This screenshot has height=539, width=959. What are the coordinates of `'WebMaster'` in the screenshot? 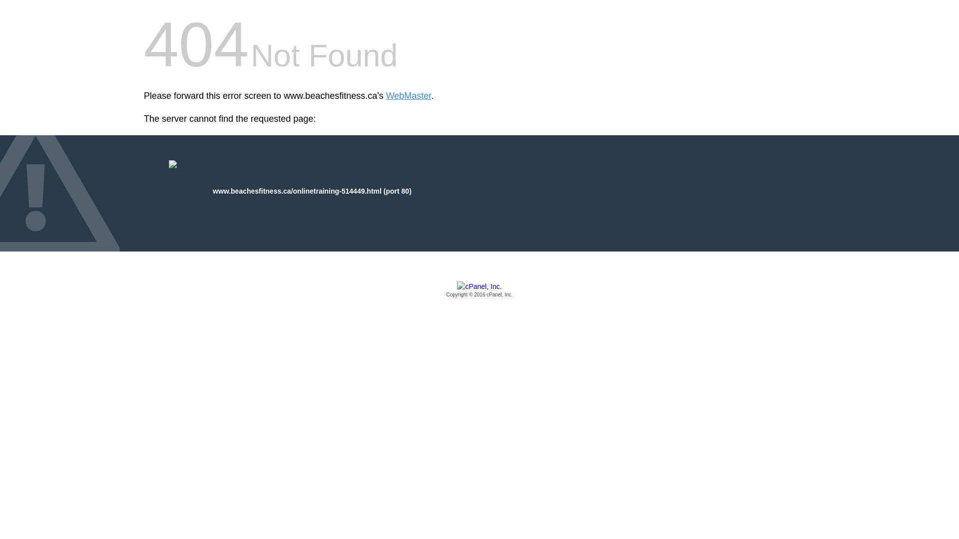 It's located at (409, 96).